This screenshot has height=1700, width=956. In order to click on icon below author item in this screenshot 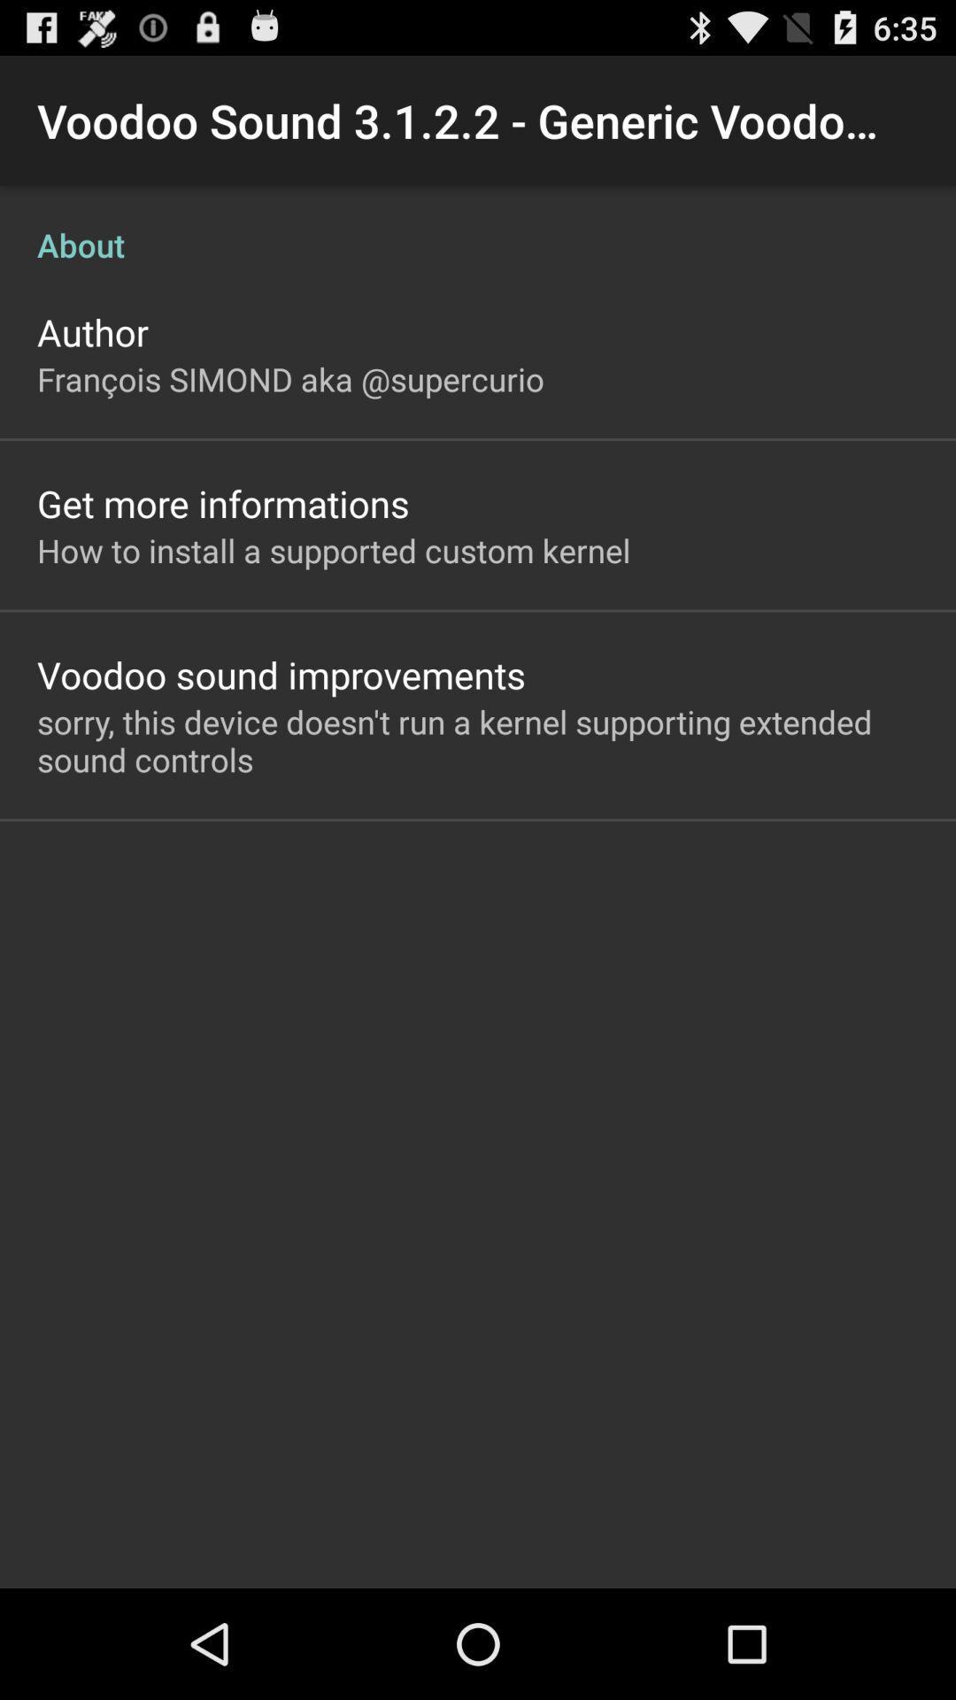, I will do `click(289, 378)`.